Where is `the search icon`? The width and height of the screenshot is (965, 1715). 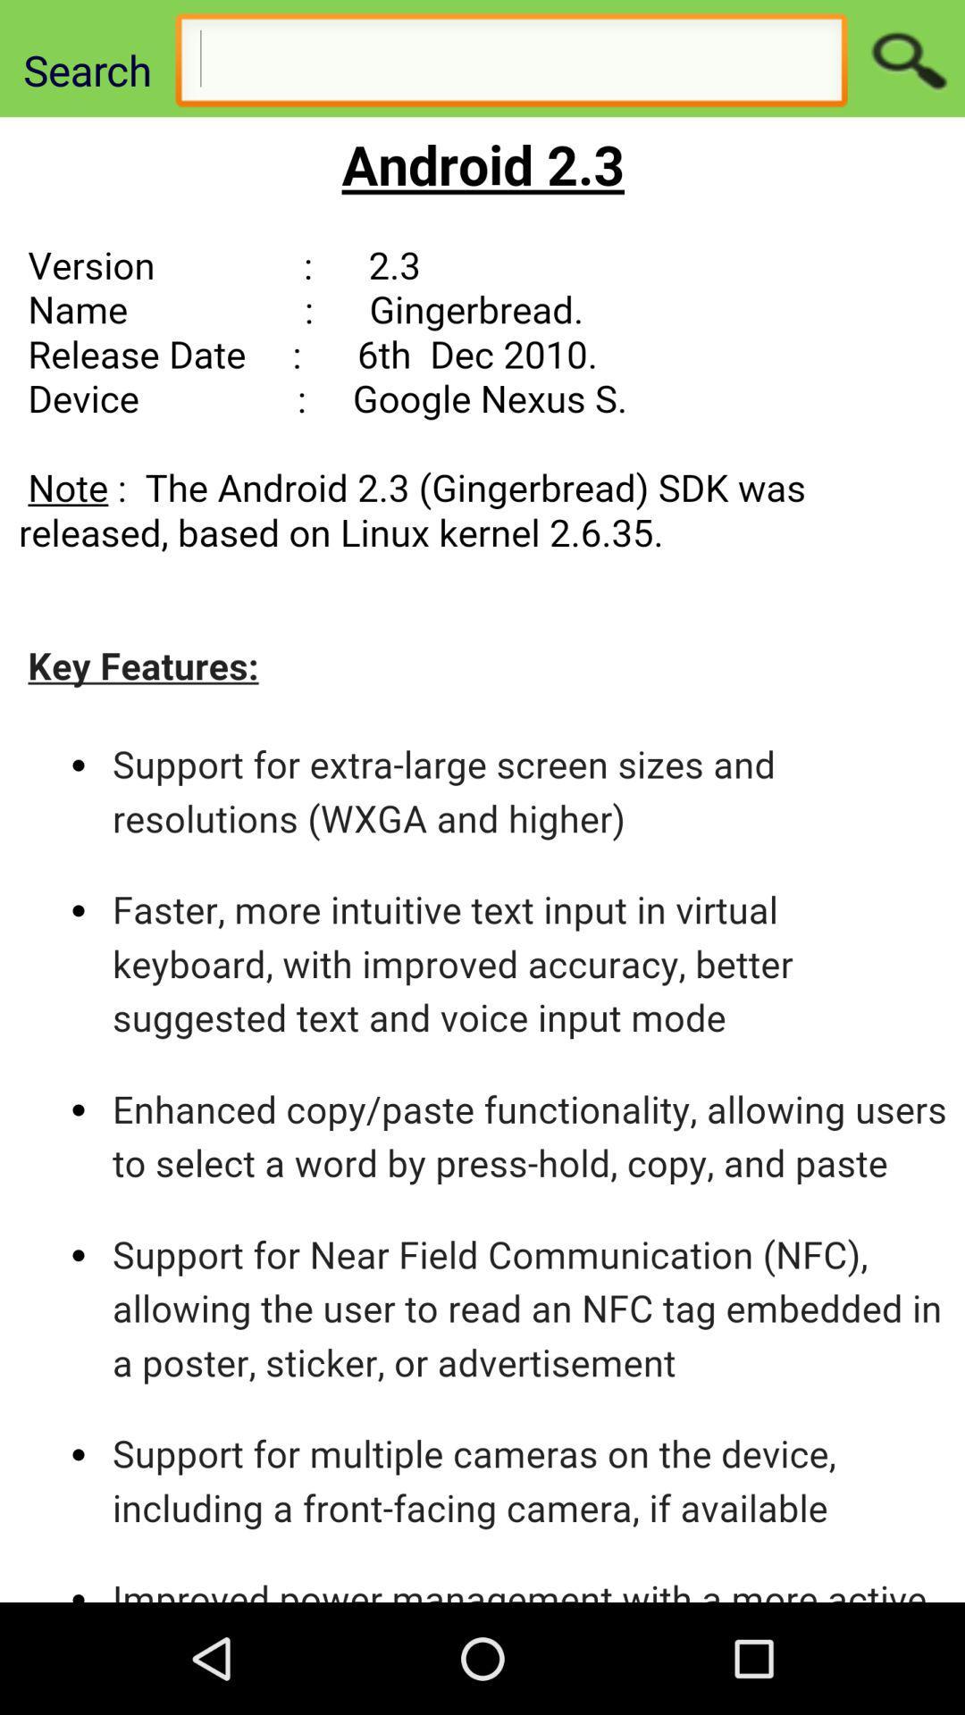 the search icon is located at coordinates (906, 63).